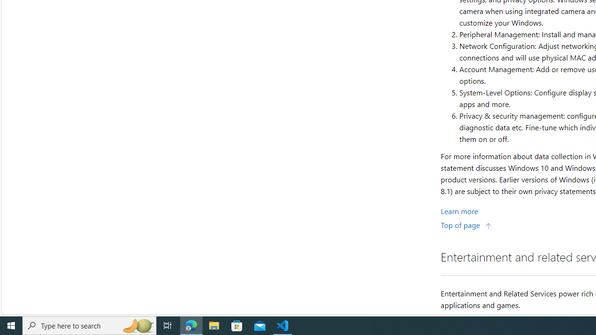  What do you see at coordinates (466, 225) in the screenshot?
I see `'Top of page'` at bounding box center [466, 225].